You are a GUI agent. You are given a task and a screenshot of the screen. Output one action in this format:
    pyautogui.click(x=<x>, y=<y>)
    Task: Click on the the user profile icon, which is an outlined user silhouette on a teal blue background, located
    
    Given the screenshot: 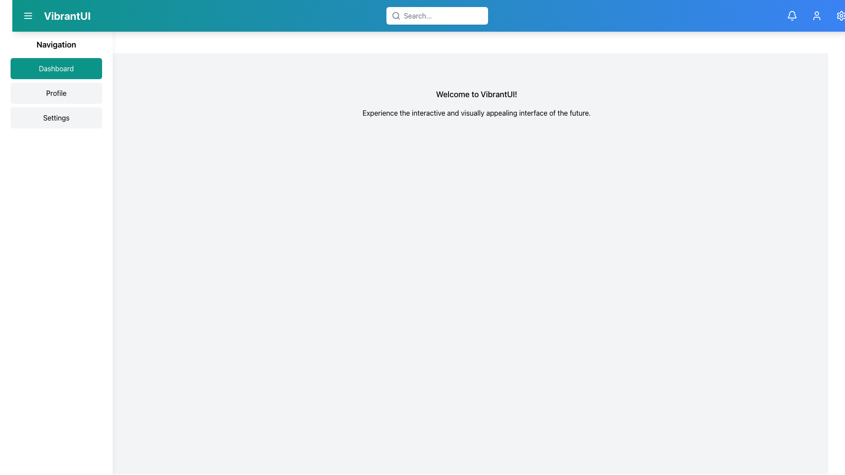 What is the action you would take?
    pyautogui.click(x=816, y=15)
    